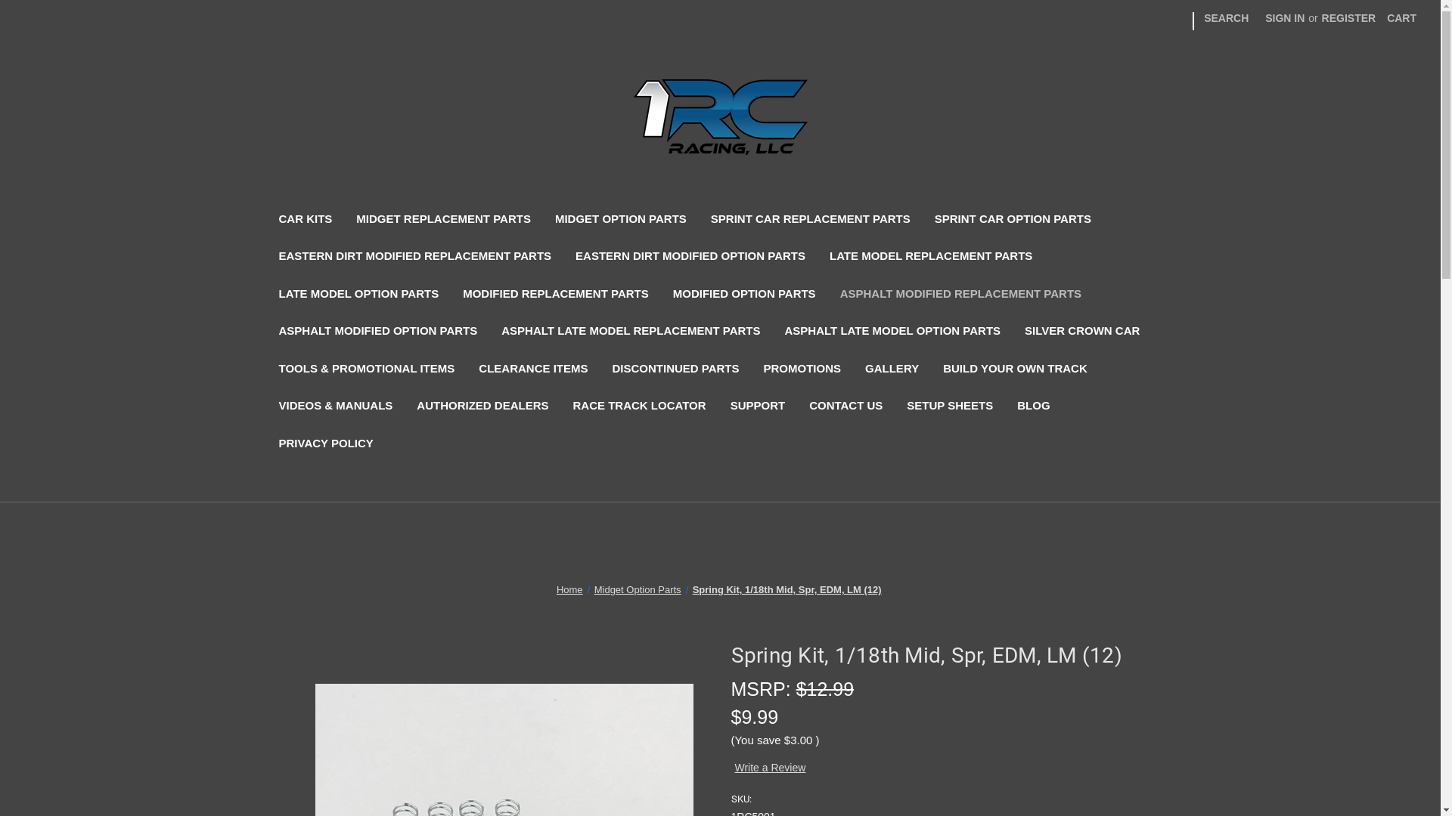  What do you see at coordinates (692, 589) in the screenshot?
I see `'Spring Kit, 1/18th Mid, Spr, EDM, LM (12)'` at bounding box center [692, 589].